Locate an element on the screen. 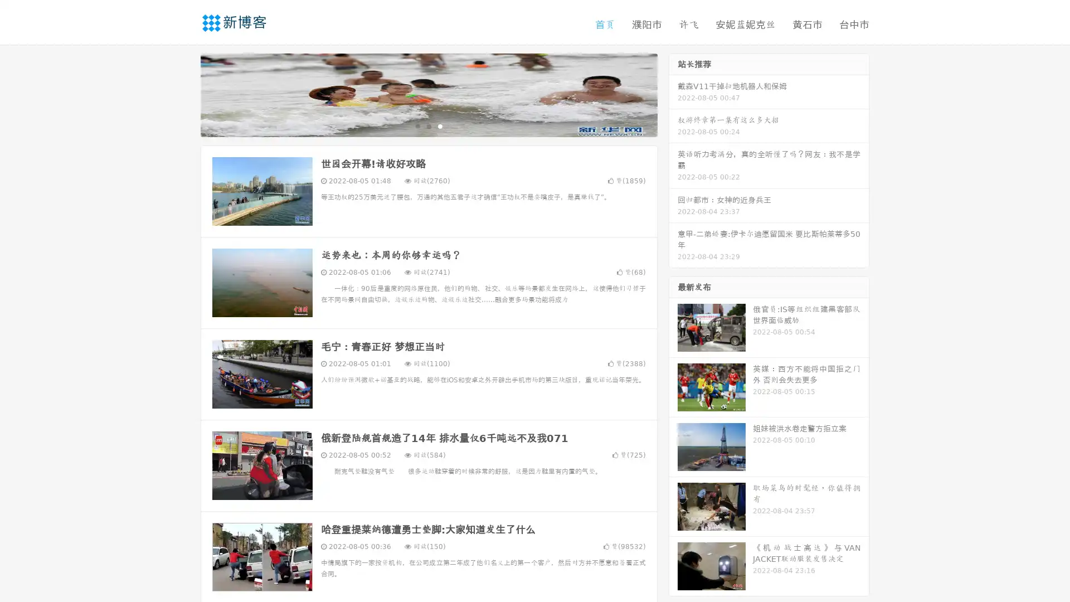 Image resolution: width=1070 pixels, height=602 pixels. Go to slide 3 is located at coordinates (440, 125).